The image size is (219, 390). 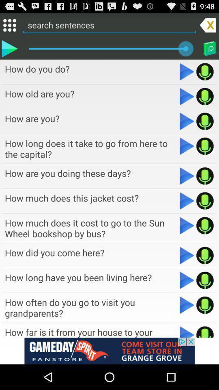 What do you see at coordinates (204, 225) in the screenshot?
I see `audio button click` at bounding box center [204, 225].